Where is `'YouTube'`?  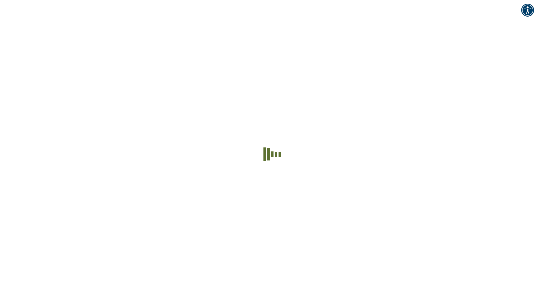 'YouTube' is located at coordinates (30, 207).